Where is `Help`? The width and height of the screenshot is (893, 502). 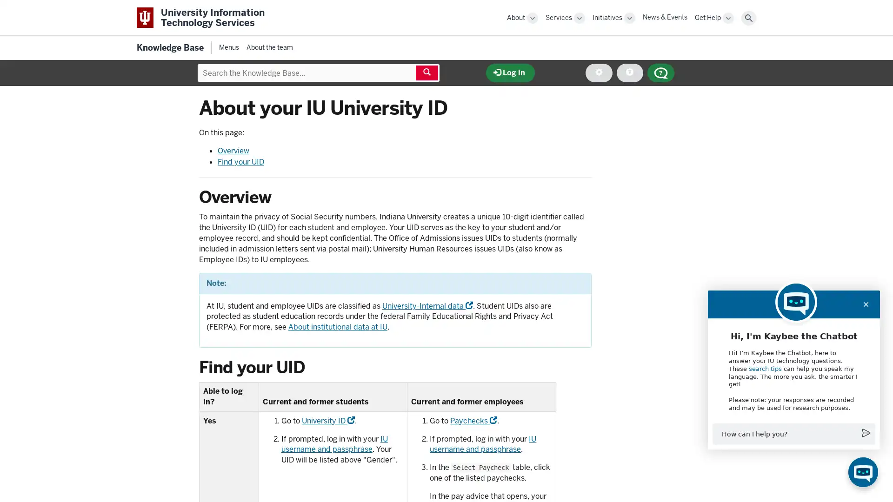 Help is located at coordinates (629, 73).